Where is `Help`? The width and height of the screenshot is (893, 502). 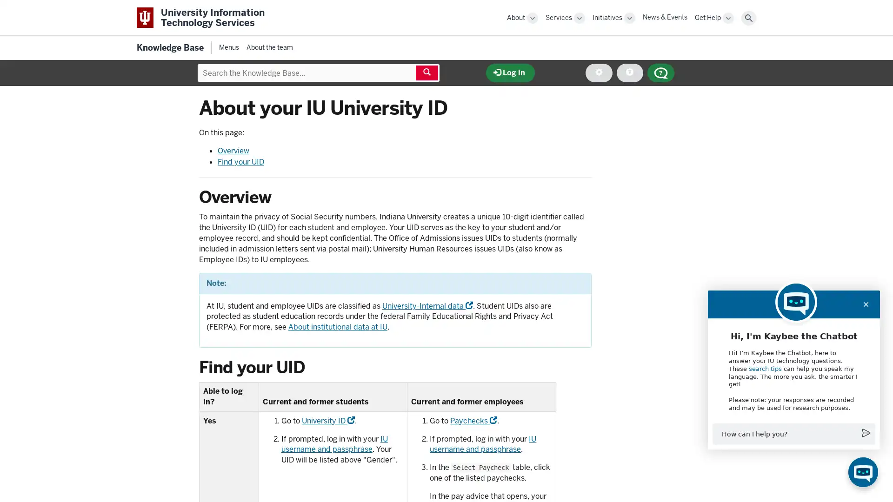 Help is located at coordinates (629, 73).